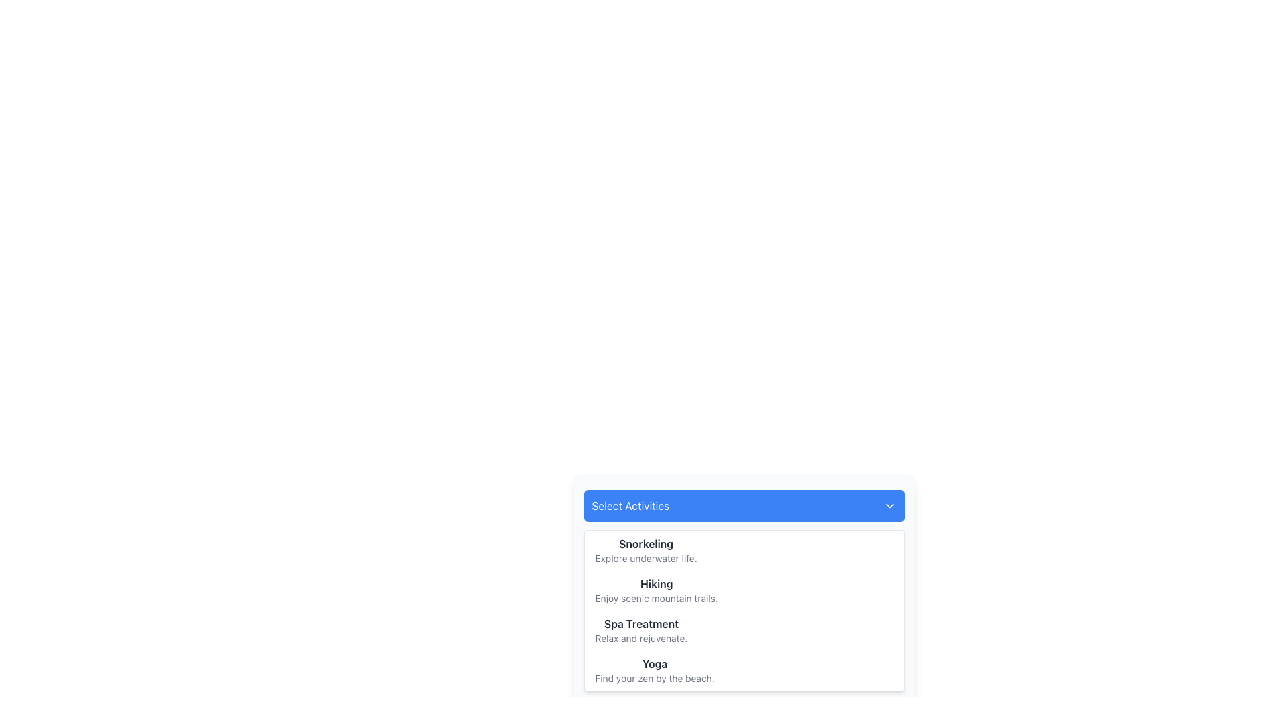 This screenshot has width=1281, height=720. What do you see at coordinates (655, 679) in the screenshot?
I see `text snippet containing the phrase 'Find your zen by the beach.' which is styled with a small font size and light gray color, located below 'Yoga' in the dropdown of selectable activities` at bounding box center [655, 679].